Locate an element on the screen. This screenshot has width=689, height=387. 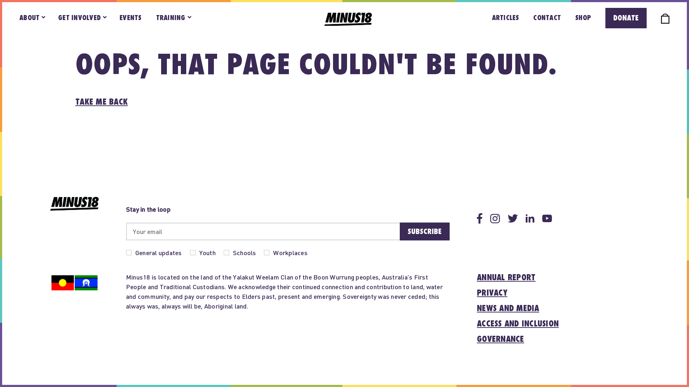
'GOVERNANCE' is located at coordinates (500, 339).